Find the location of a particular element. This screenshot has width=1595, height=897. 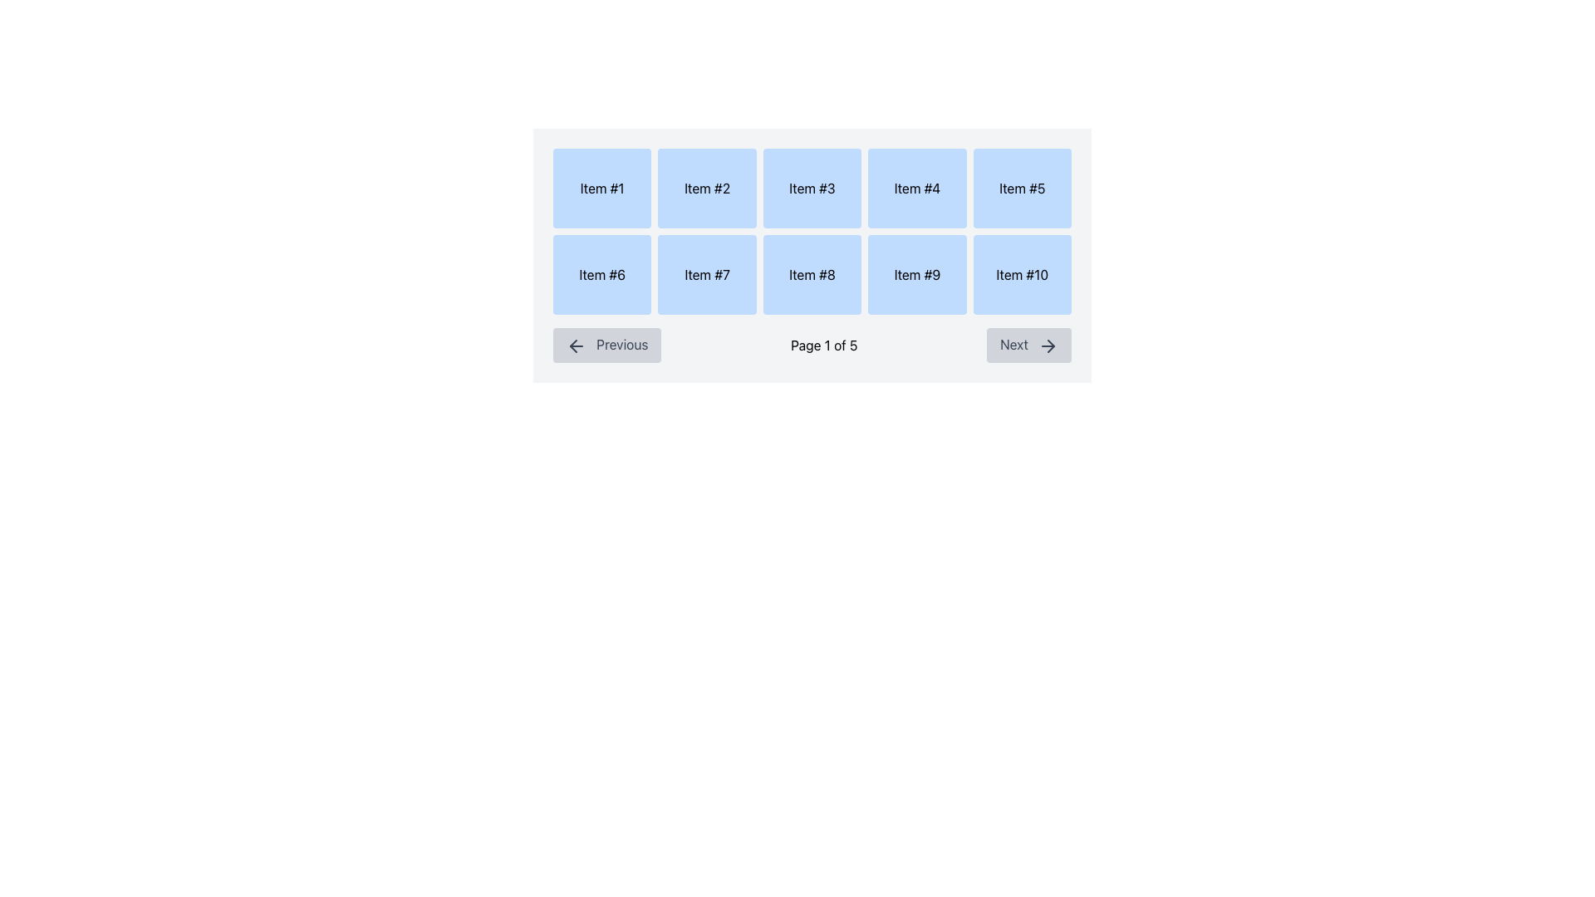

the rectangular box with a light blue background containing the text 'Item #5' in black font, located in the first row, fifth column of the grid layout is located at coordinates (1021, 188).